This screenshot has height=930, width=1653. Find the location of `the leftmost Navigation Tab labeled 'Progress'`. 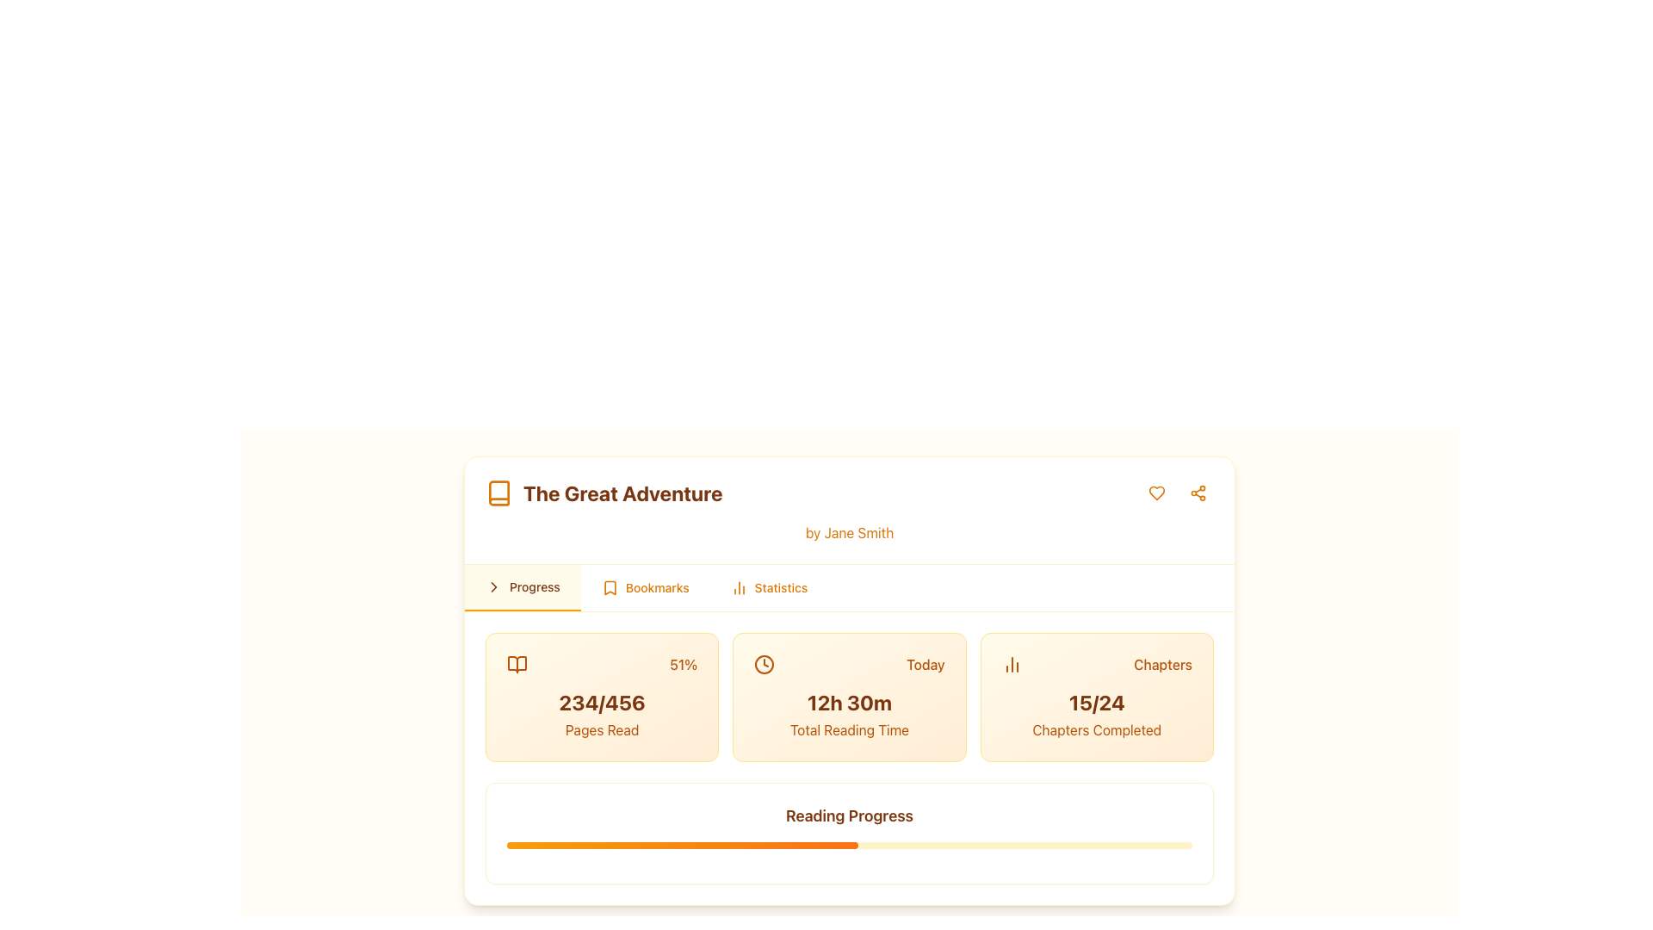

the leftmost Navigation Tab labeled 'Progress' is located at coordinates (522, 586).